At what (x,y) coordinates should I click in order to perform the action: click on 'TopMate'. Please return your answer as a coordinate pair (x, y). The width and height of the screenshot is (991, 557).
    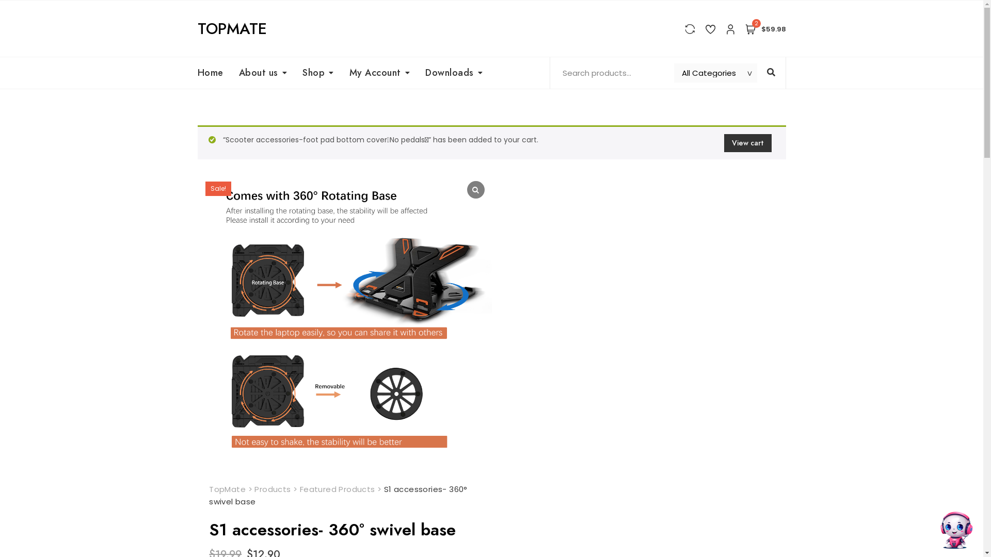
    Looking at the image, I should click on (208, 488).